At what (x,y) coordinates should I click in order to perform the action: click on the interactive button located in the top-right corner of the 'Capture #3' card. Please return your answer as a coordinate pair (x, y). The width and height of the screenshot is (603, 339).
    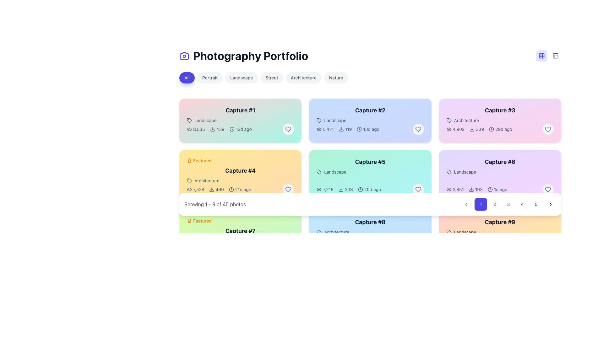
    Looking at the image, I should click on (550, 109).